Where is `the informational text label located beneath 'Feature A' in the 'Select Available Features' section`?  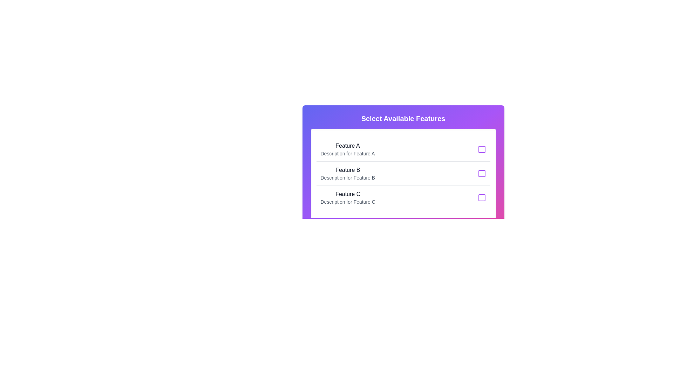
the informational text label located beneath 'Feature A' in the 'Select Available Features' section is located at coordinates (347, 153).